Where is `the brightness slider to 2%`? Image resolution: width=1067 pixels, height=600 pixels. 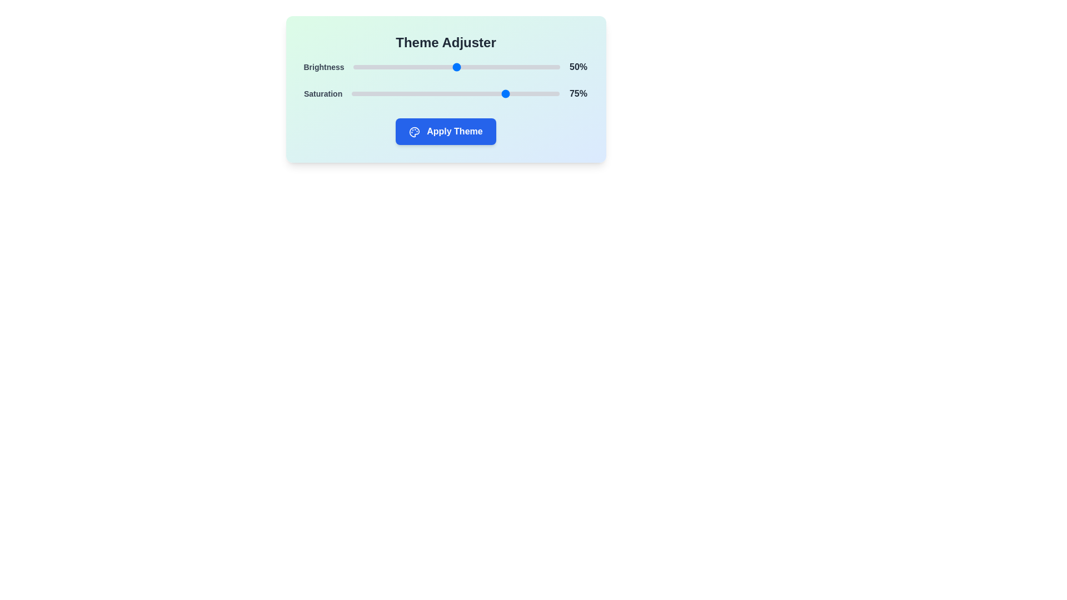
the brightness slider to 2% is located at coordinates (357, 67).